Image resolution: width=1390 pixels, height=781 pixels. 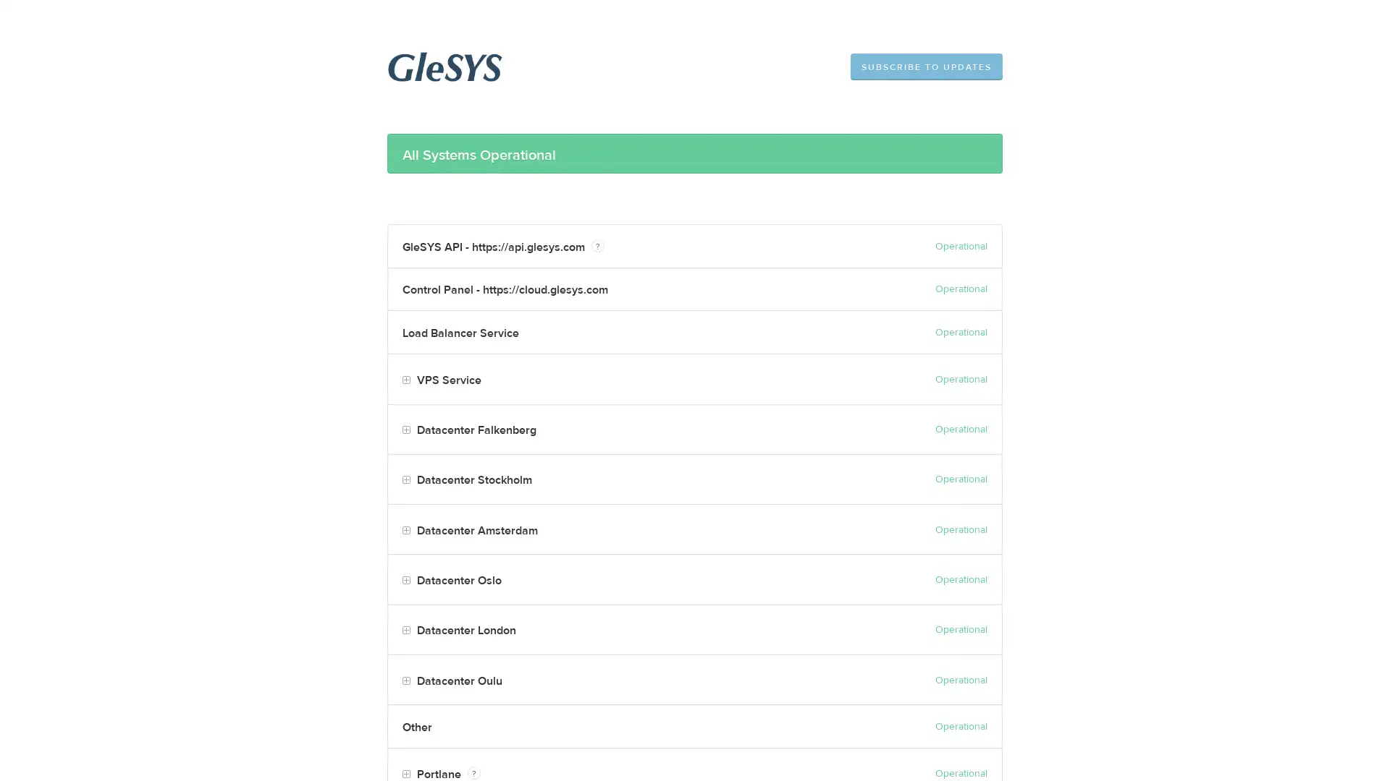 I want to click on Toggle Datacenter London, so click(x=405, y=630).